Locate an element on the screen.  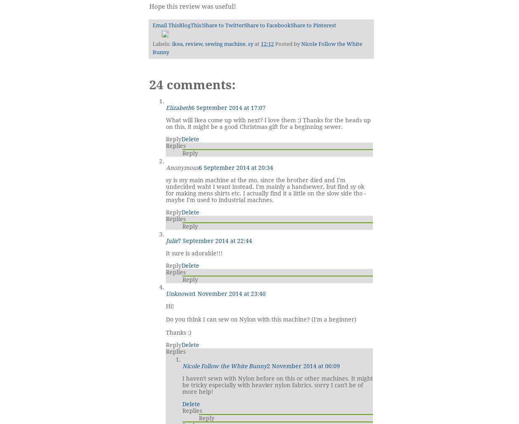
'7 September 2014 at 22:44' is located at coordinates (214, 240).